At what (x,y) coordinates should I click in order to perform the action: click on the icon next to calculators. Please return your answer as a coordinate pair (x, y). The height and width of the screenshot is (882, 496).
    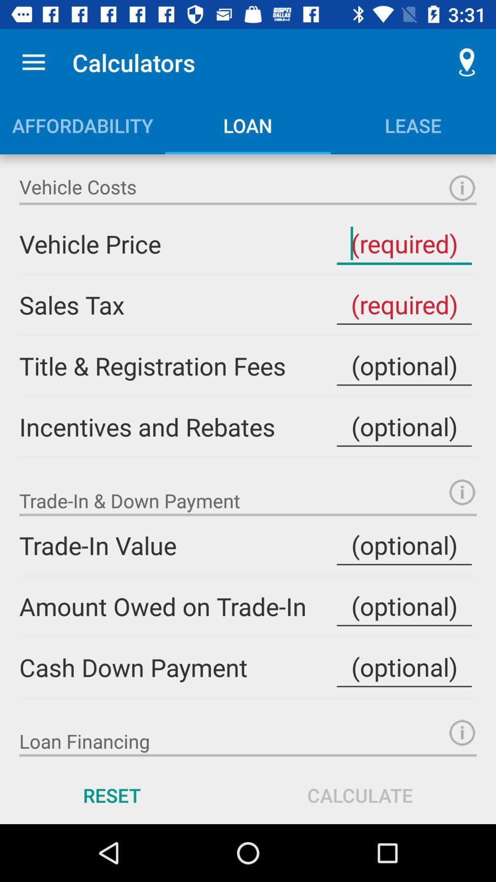
    Looking at the image, I should click on (467, 62).